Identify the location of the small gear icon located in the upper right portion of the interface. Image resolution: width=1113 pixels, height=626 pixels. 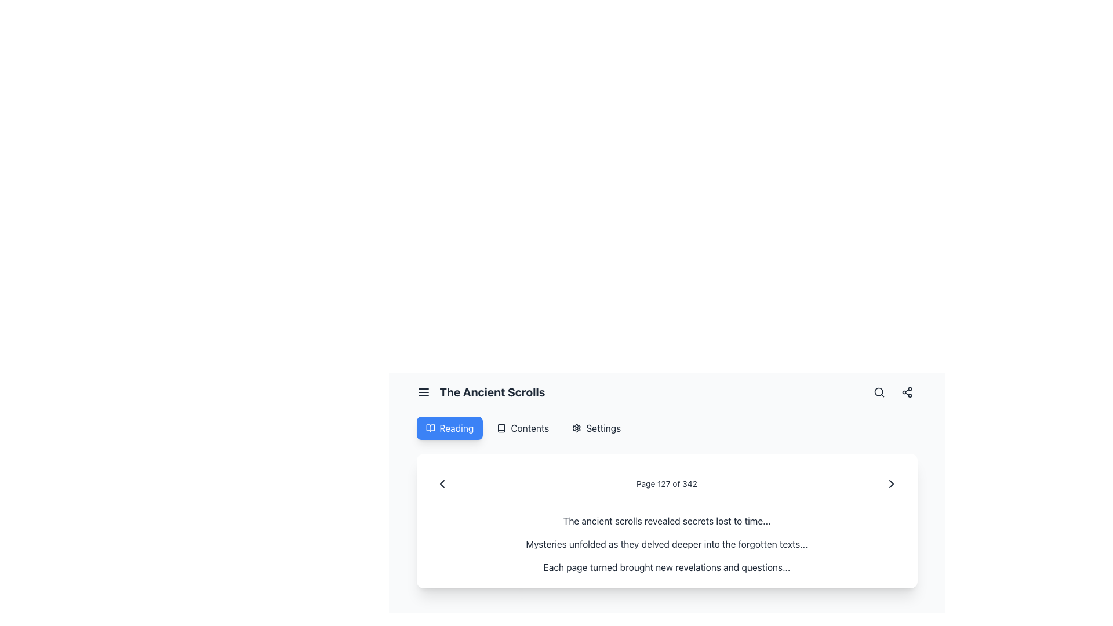
(577, 428).